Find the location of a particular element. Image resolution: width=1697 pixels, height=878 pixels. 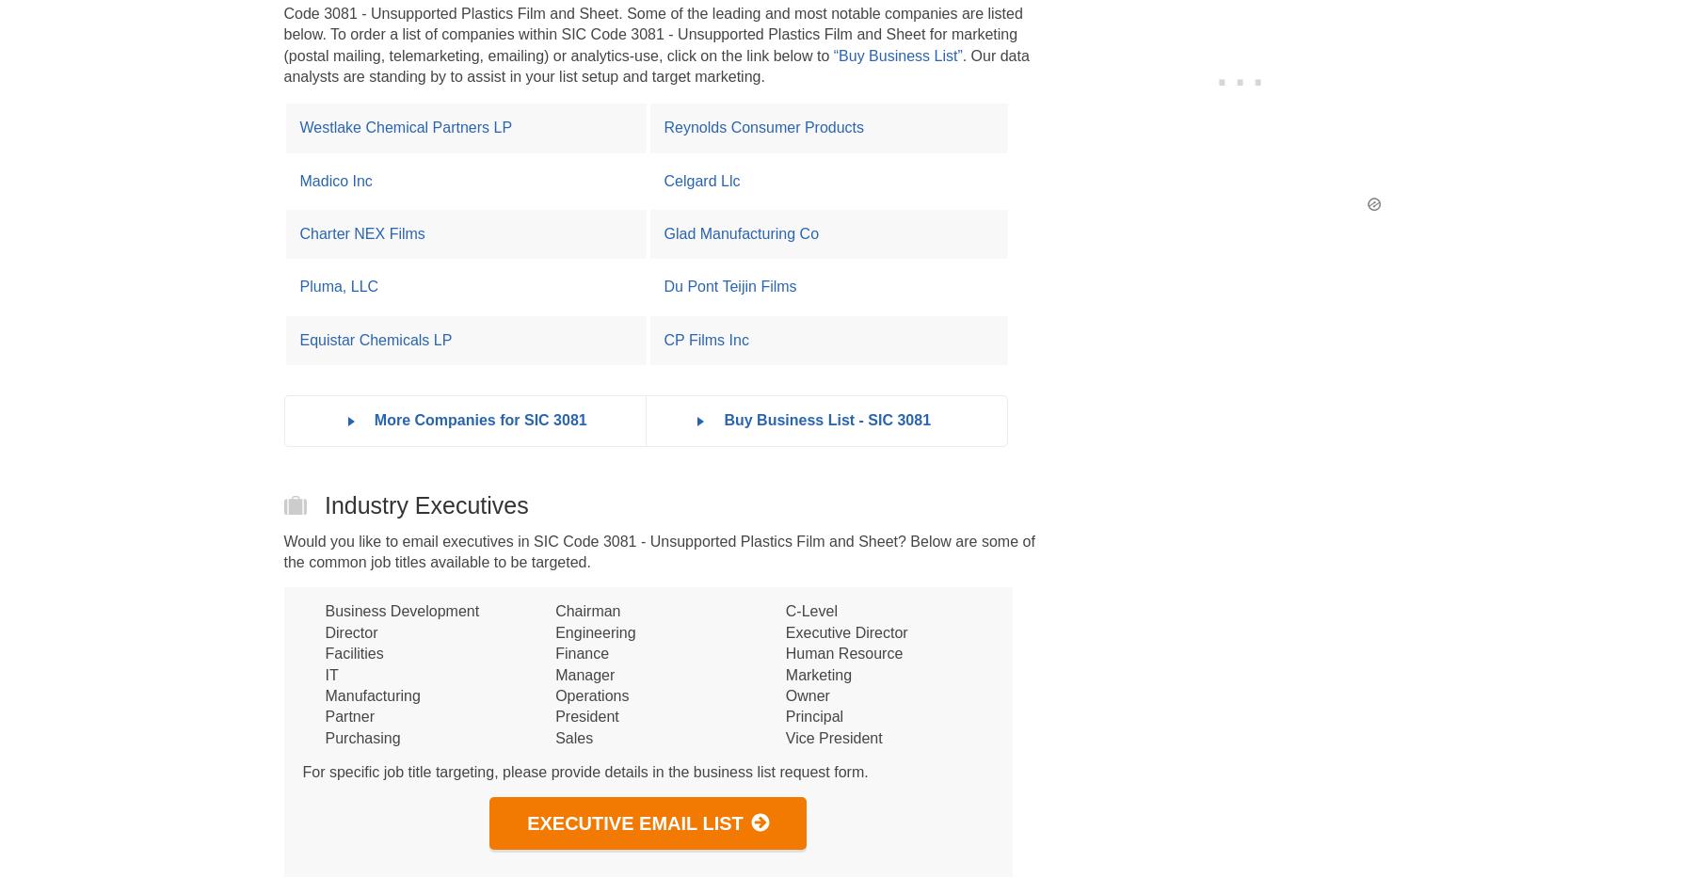

'Owner' is located at coordinates (806, 694).